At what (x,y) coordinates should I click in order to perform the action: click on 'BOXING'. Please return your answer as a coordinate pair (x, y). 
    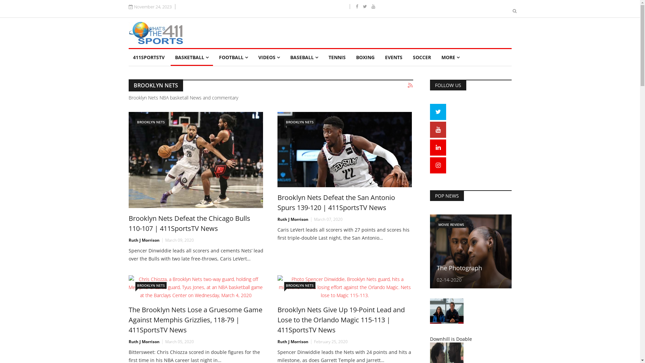
    Looking at the image, I should click on (364, 57).